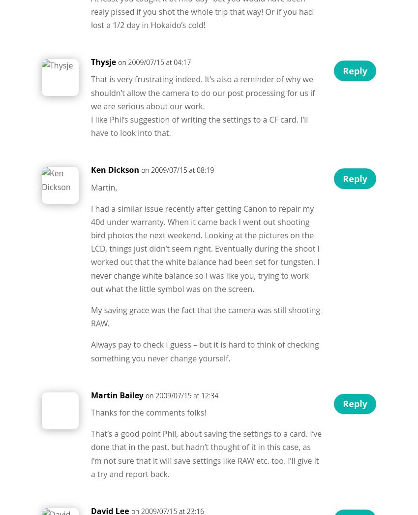 Image resolution: width=418 pixels, height=515 pixels. What do you see at coordinates (90, 187) in the screenshot?
I see `'Martin,'` at bounding box center [90, 187].